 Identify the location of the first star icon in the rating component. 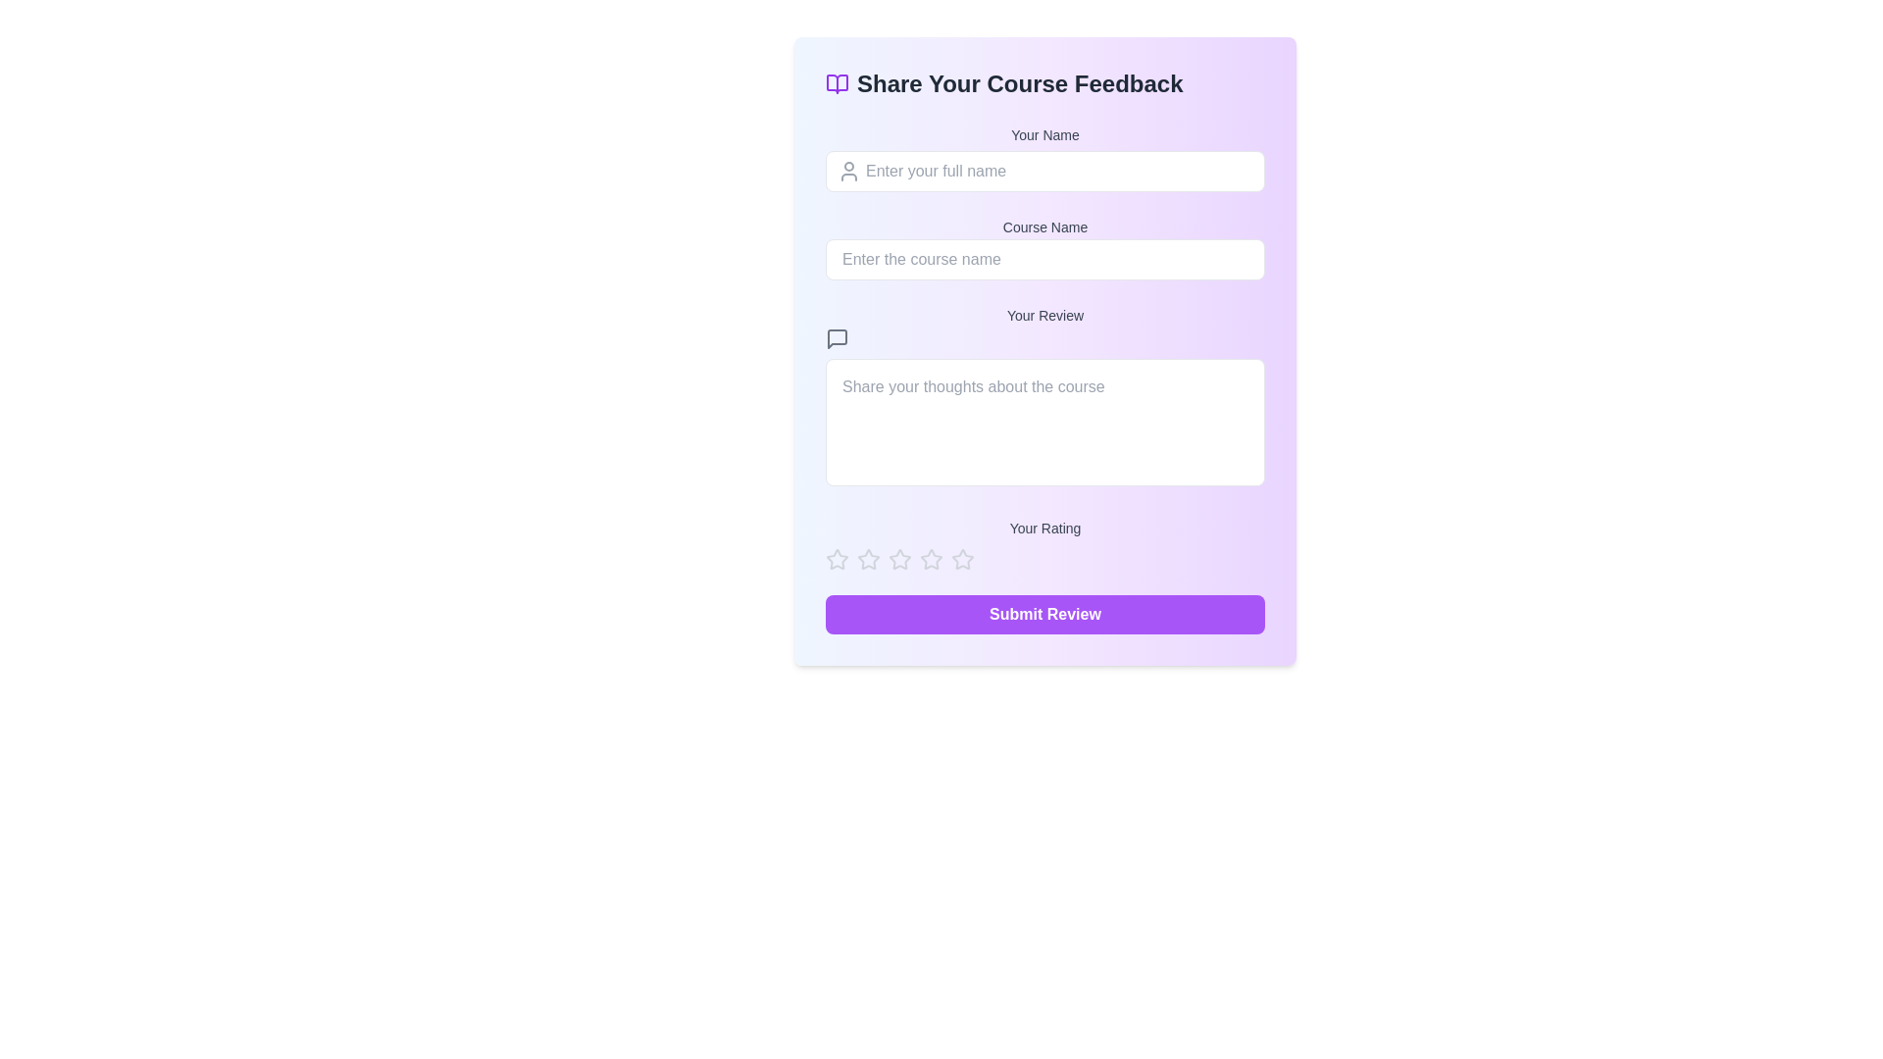
(838, 559).